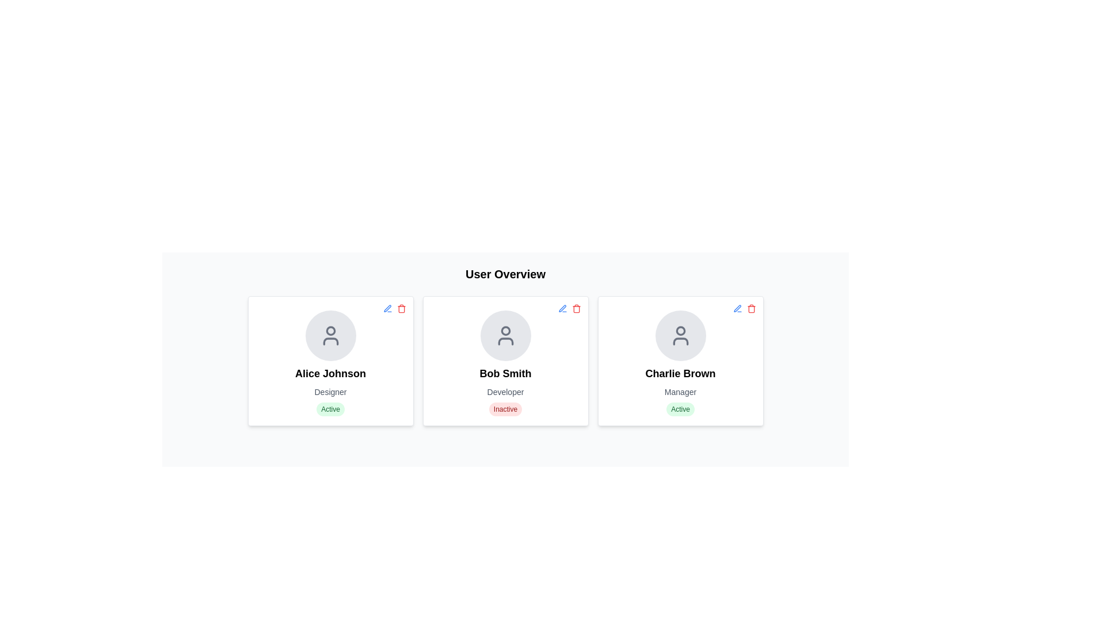  Describe the element at coordinates (751, 308) in the screenshot. I see `the delete icon located at the top-right corner of Charlie Brown's user card` at that location.